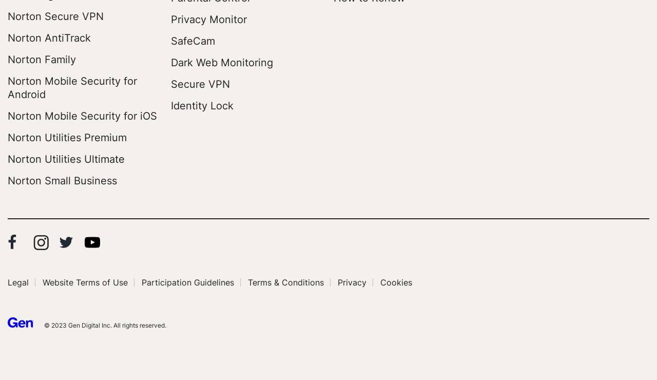  I want to click on '© 2023 Gen Digital Inc. All rights reserved.', so click(44, 325).